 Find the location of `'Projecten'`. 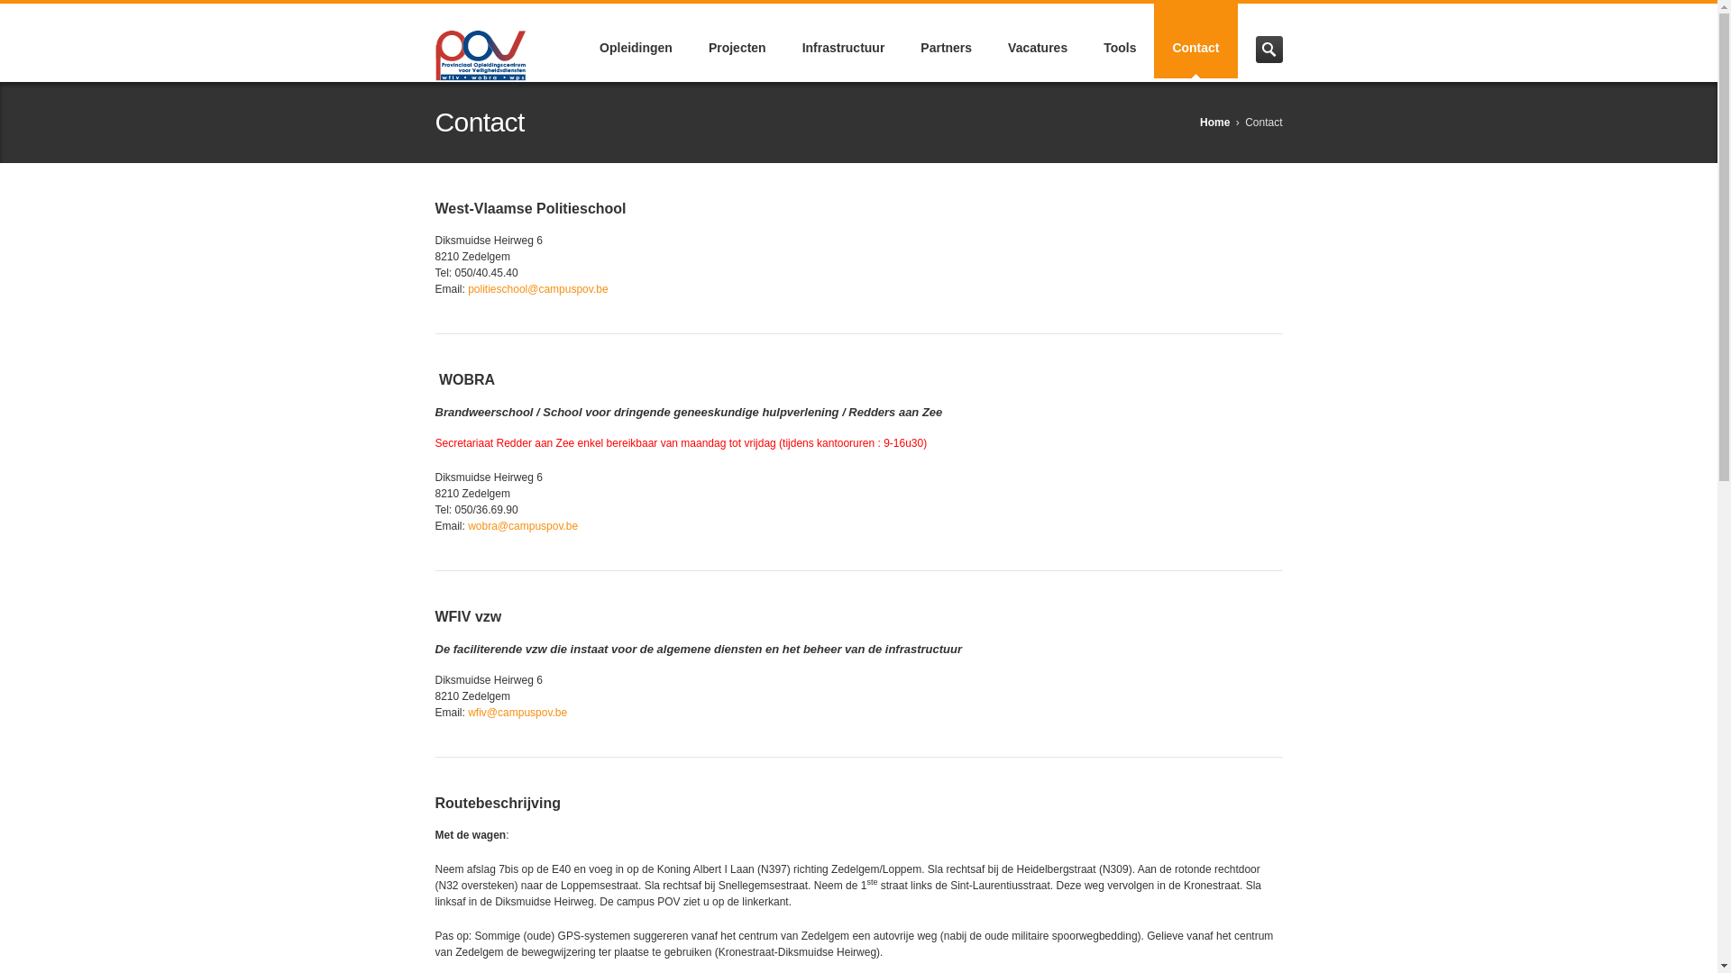

'Projecten' is located at coordinates (737, 41).